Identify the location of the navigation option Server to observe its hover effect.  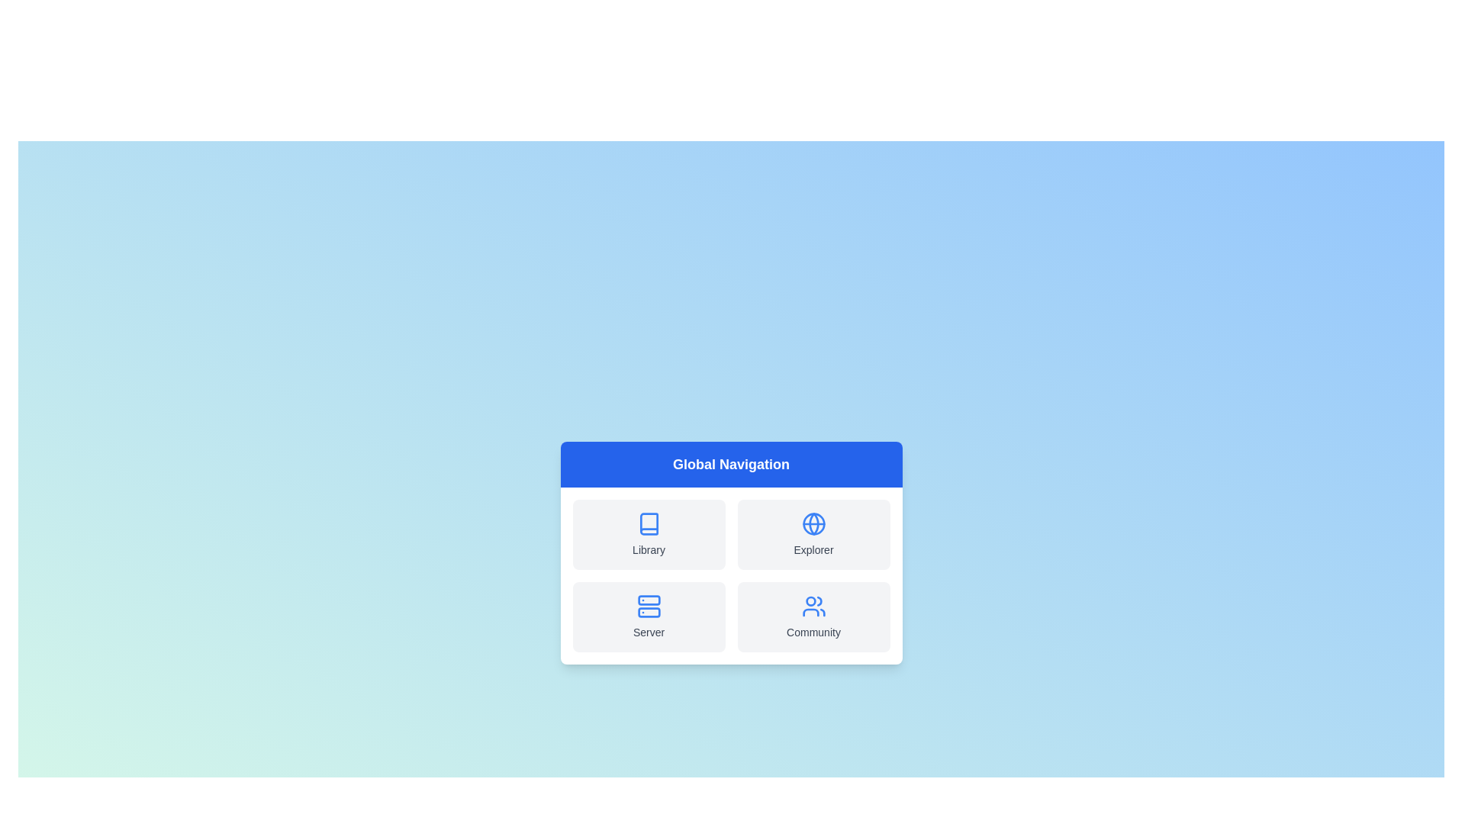
(649, 616).